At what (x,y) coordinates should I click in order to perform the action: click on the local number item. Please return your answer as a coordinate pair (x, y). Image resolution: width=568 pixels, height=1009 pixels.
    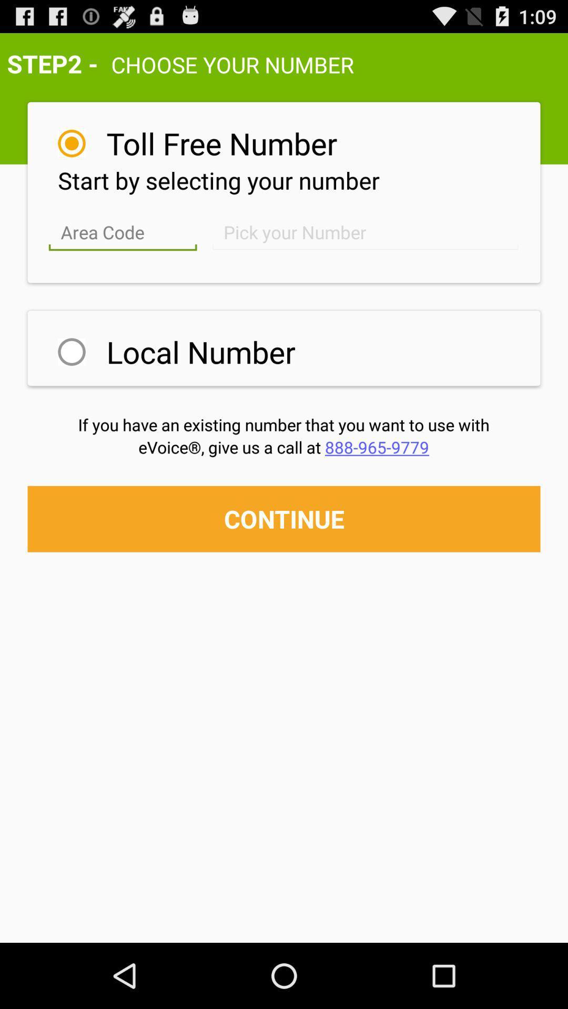
    Looking at the image, I should click on (201, 352).